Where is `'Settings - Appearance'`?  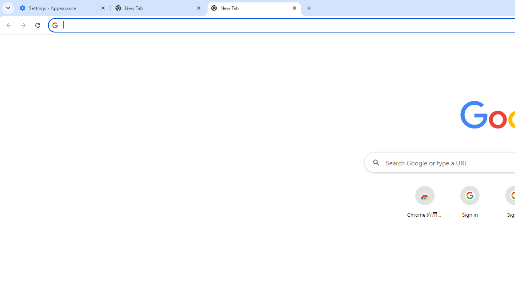 'Settings - Appearance' is located at coordinates (62, 8).